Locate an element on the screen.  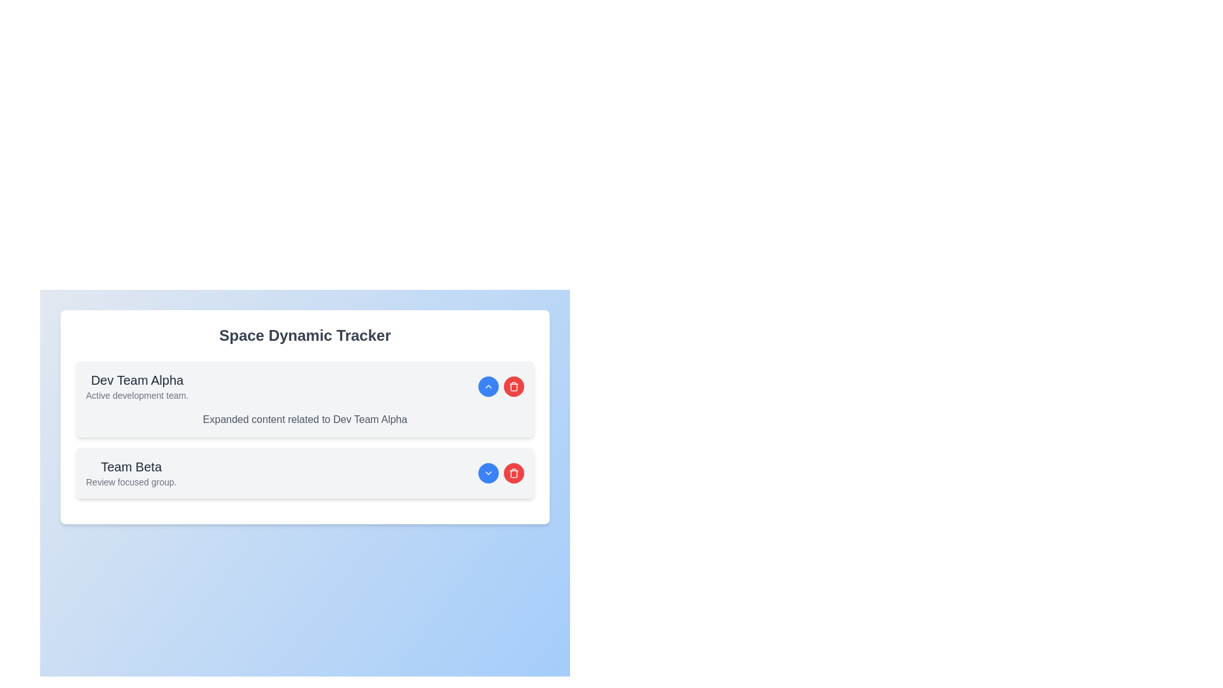
the Text block serving as the header for the 'Team Beta' section to use the title as a navigation anchor is located at coordinates (131, 473).